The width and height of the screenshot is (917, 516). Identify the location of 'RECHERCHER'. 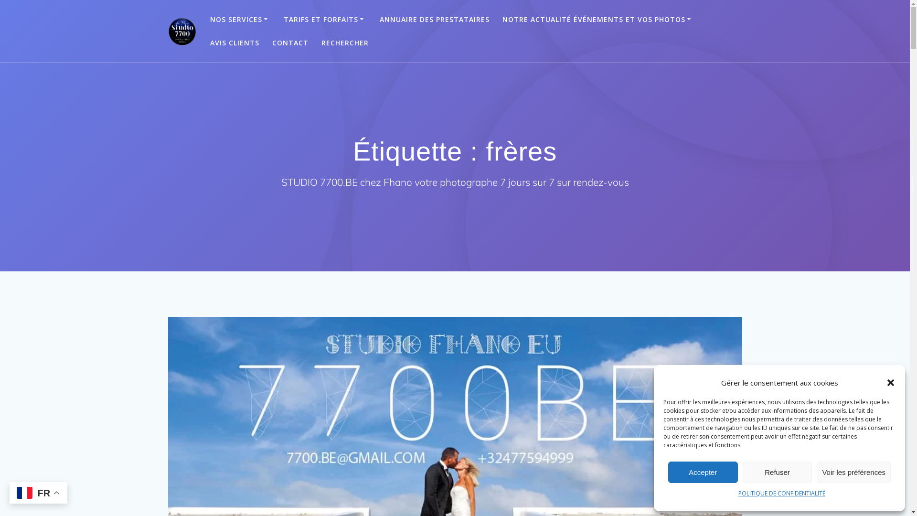
(344, 42).